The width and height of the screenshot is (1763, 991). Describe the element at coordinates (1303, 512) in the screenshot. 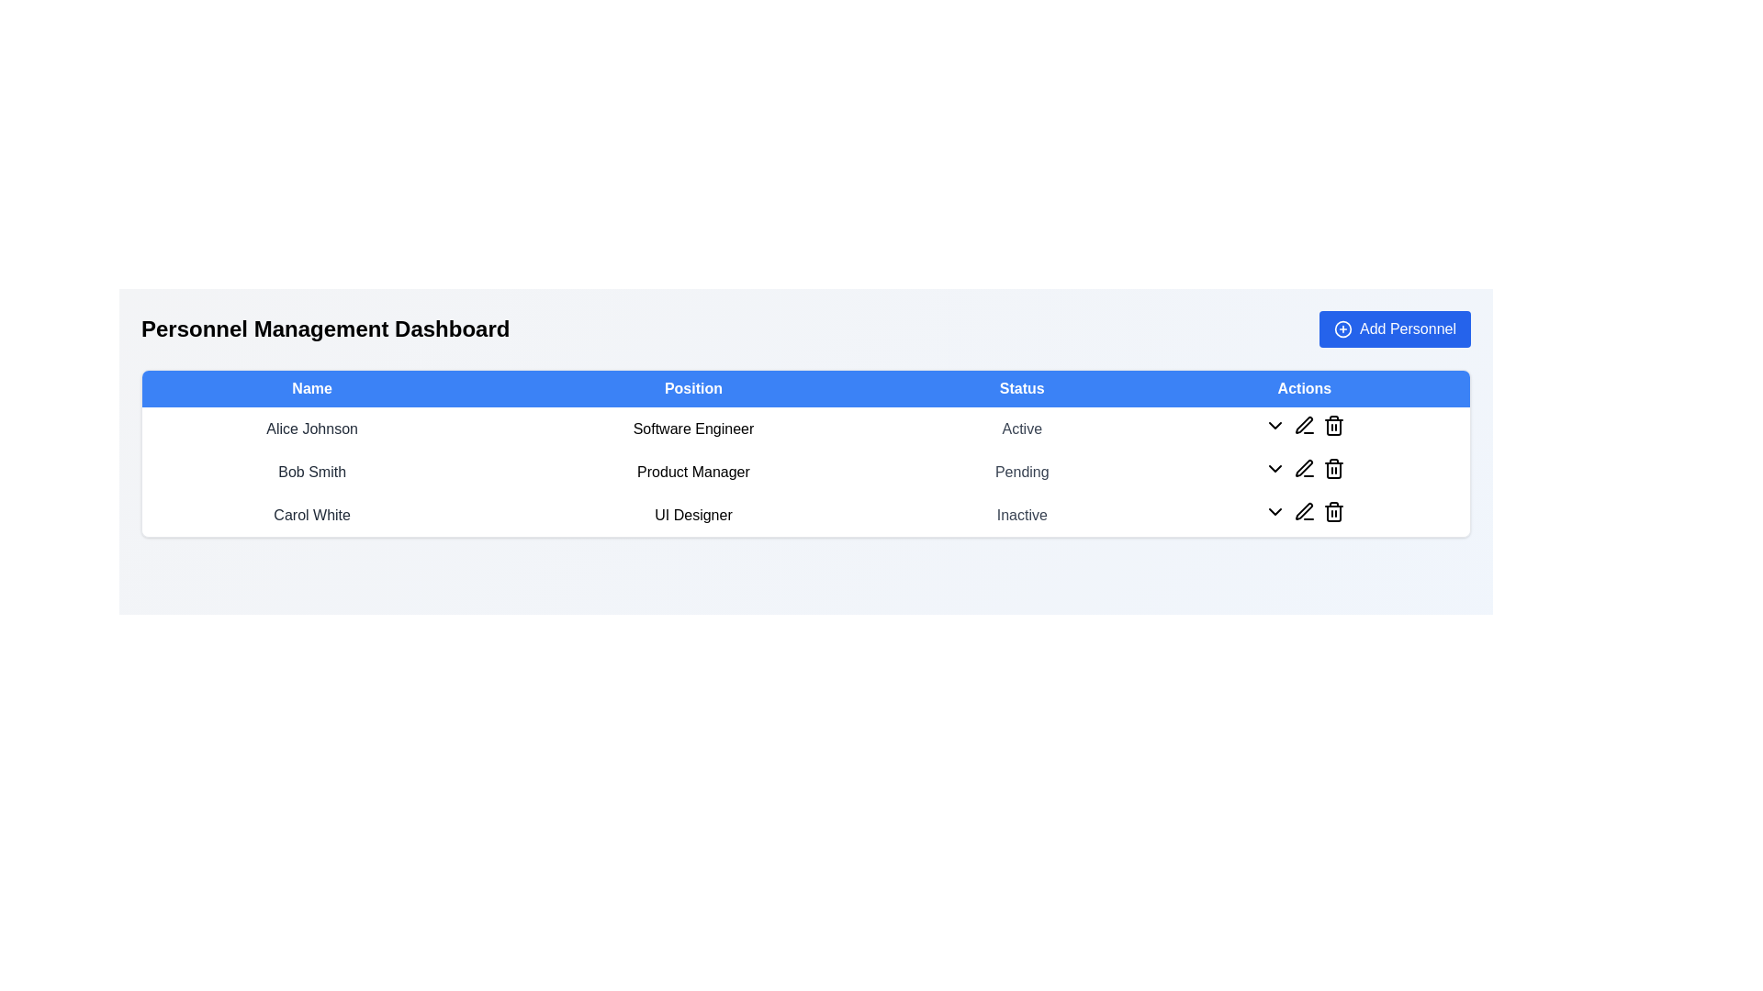

I see `the edit icon button located in the actions column of the row for 'Carol White' to modify the data or details` at that location.